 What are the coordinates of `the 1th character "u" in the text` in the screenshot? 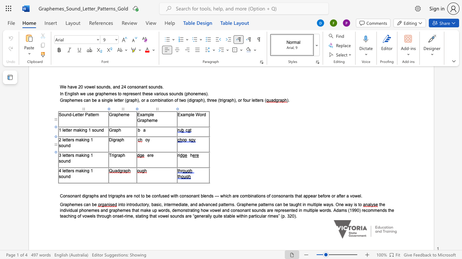 It's located at (65, 160).